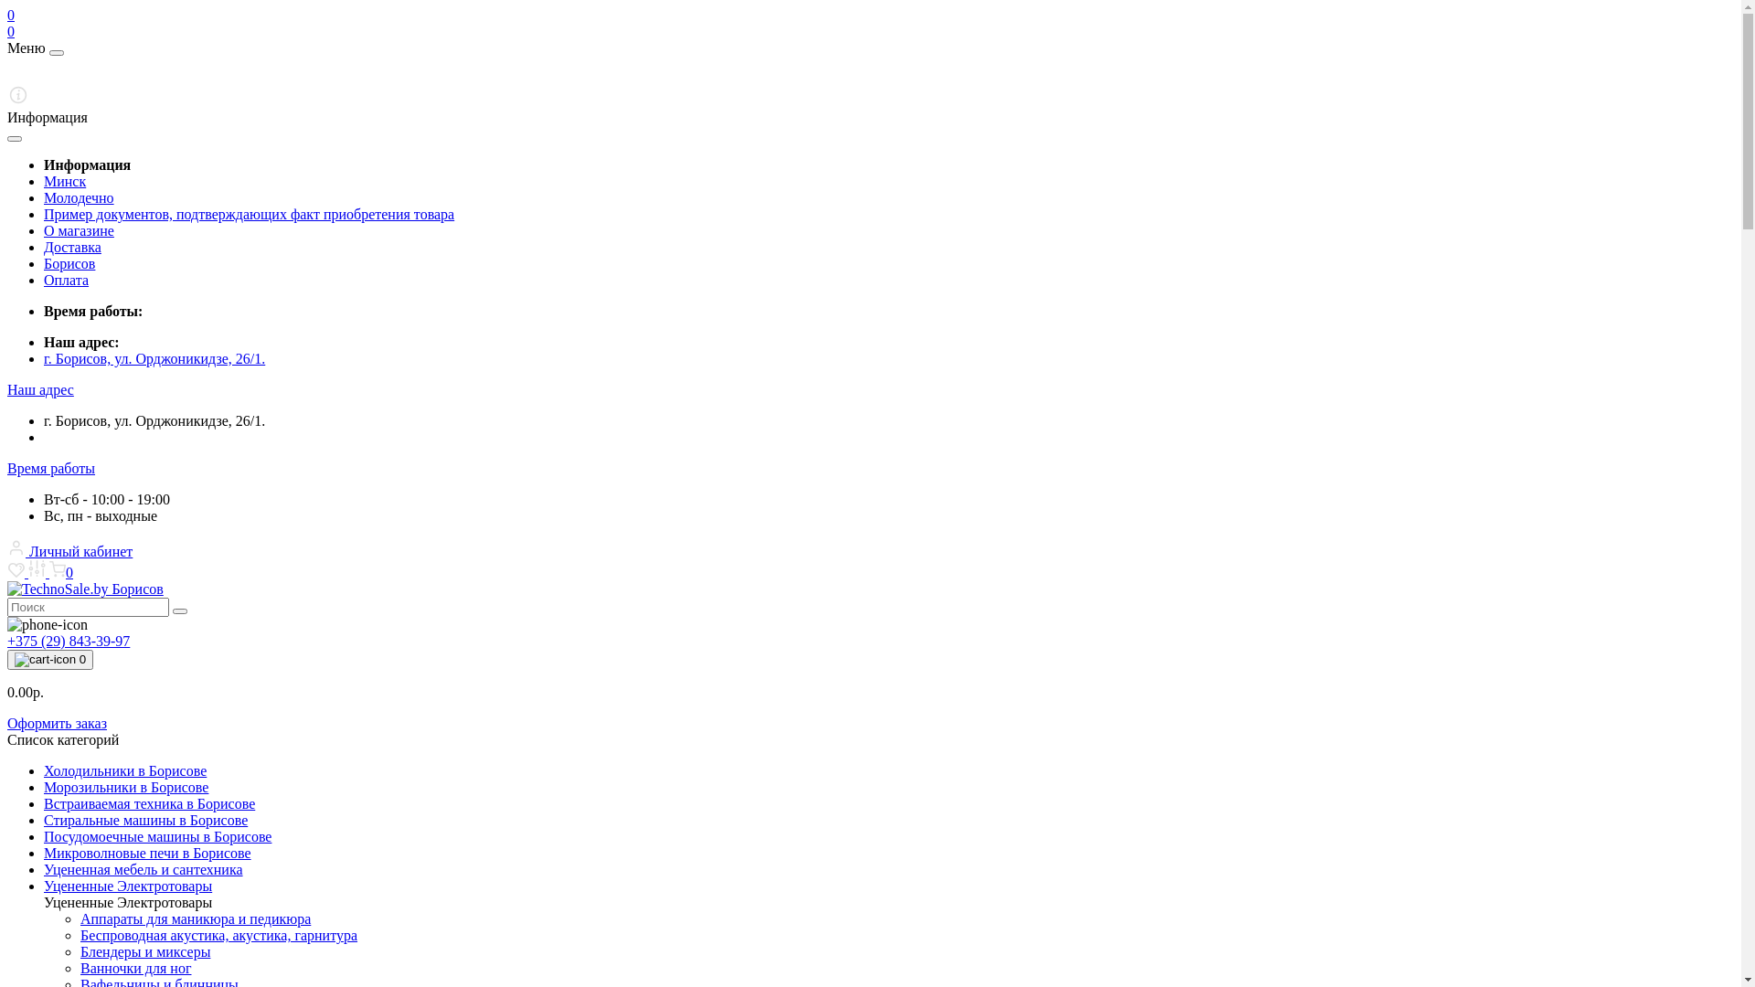 The height and width of the screenshot is (987, 1755). Describe the element at coordinates (61, 571) in the screenshot. I see `'0'` at that location.